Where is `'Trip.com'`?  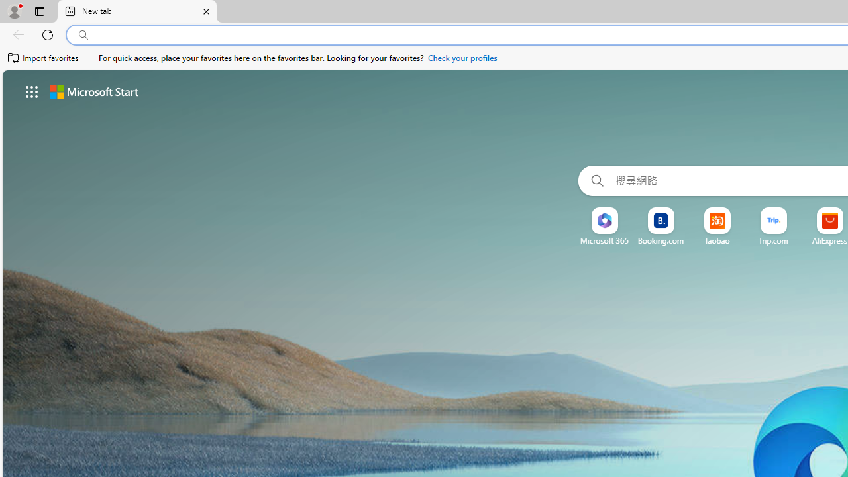
'Trip.com' is located at coordinates (774, 240).